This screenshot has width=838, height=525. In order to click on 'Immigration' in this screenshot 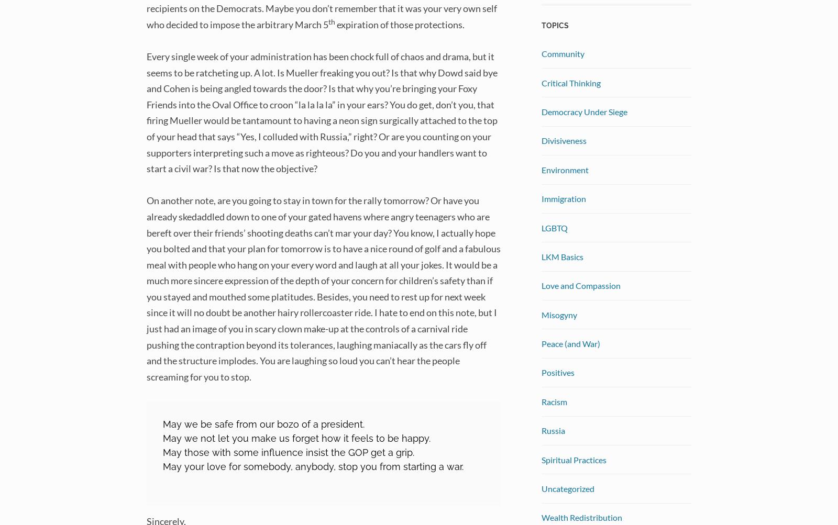, I will do `click(564, 198)`.